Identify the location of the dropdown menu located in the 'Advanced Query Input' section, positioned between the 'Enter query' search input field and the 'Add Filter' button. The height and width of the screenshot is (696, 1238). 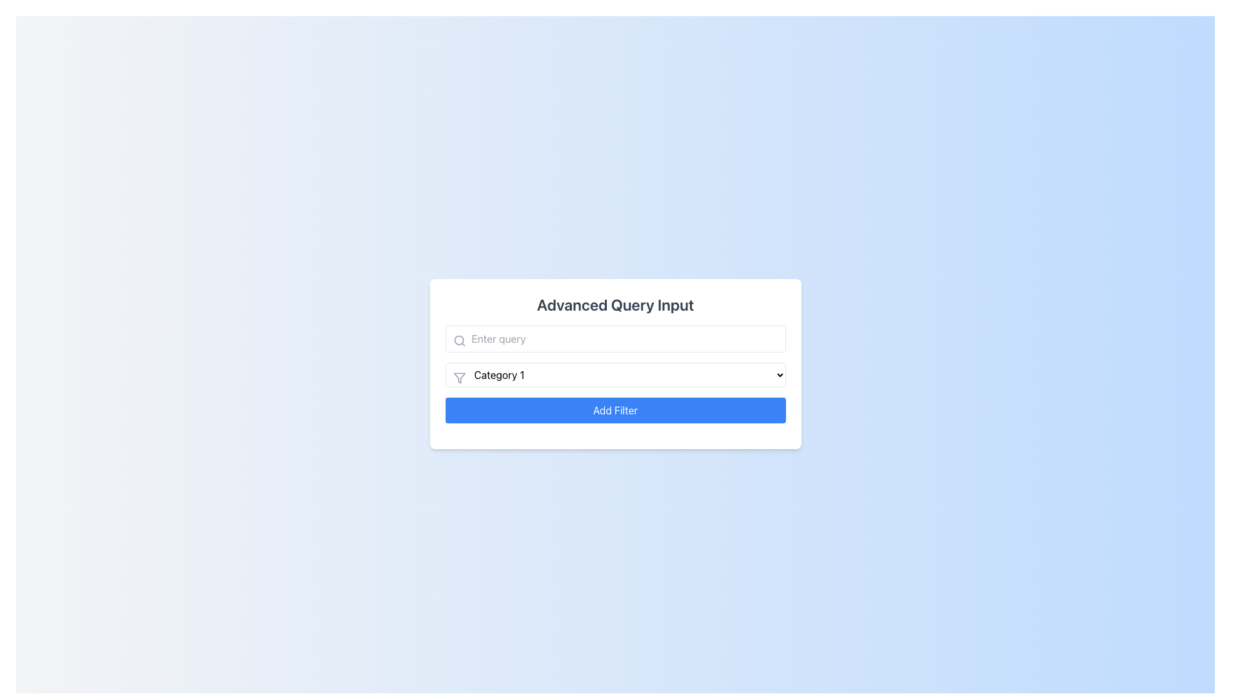
(614, 375).